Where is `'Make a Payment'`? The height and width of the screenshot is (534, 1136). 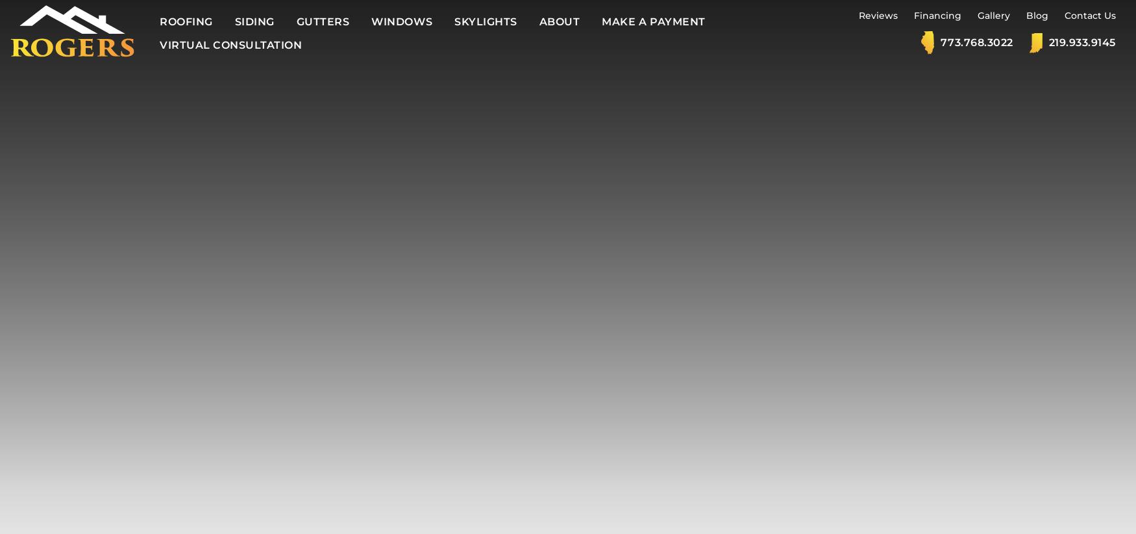 'Make a Payment' is located at coordinates (652, 21).